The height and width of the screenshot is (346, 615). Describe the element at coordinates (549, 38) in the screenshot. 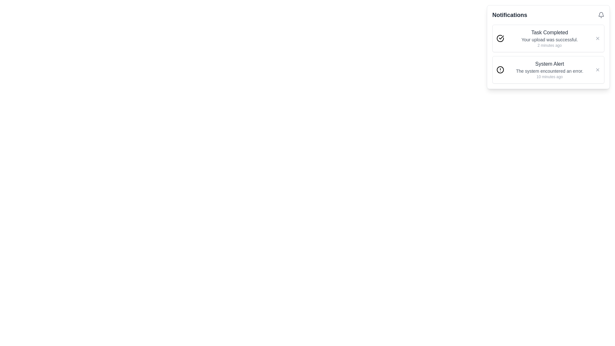

I see `the text block within the first notification card that displays a completed task upload message in the notifications panel` at that location.